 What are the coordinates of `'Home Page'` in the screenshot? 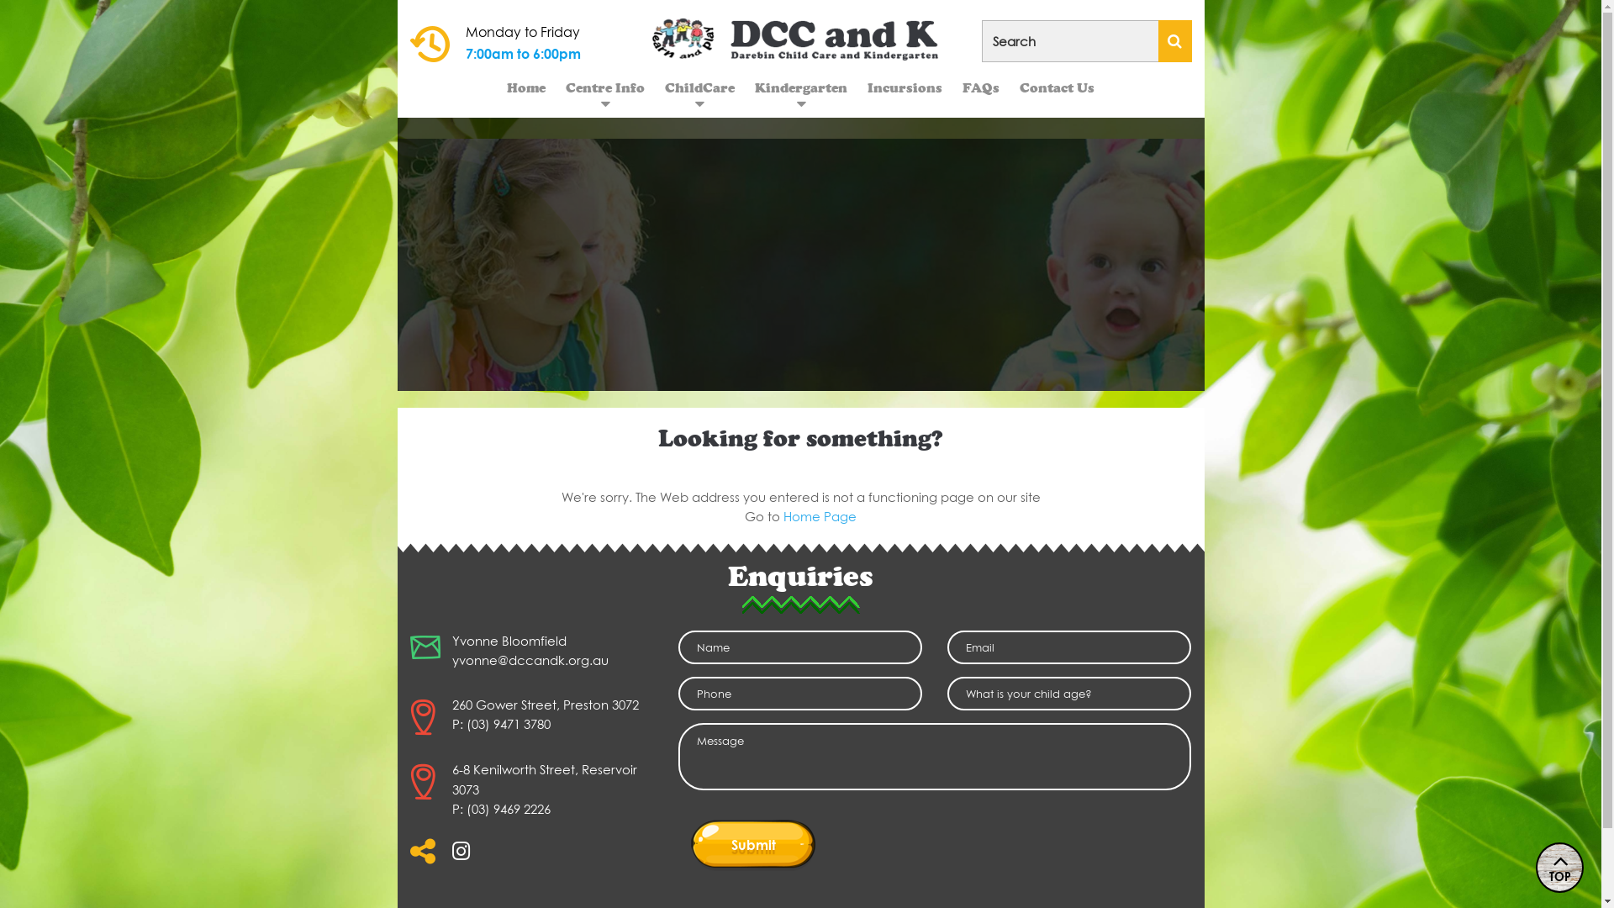 It's located at (782, 515).